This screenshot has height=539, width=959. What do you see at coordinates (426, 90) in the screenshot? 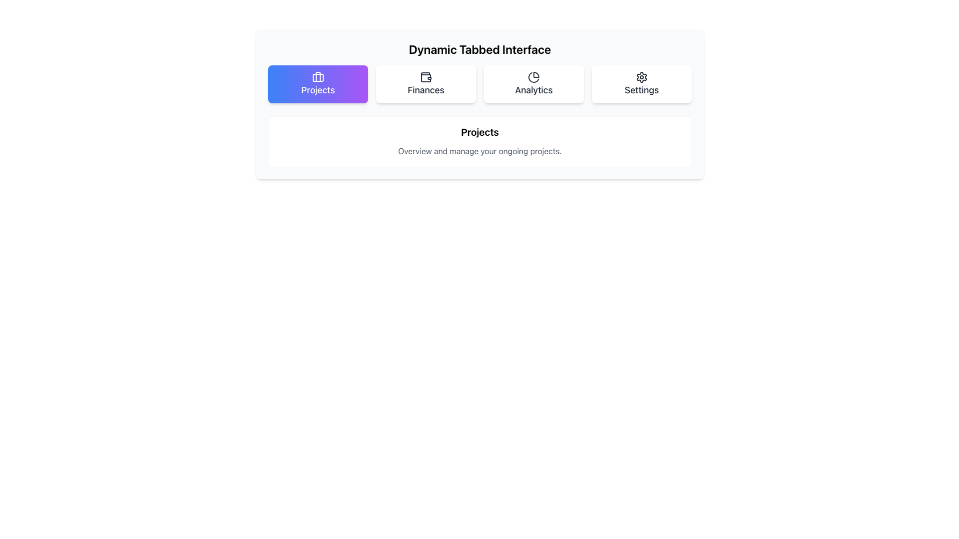
I see `the 'Finances' text label in the navigation bar` at bounding box center [426, 90].